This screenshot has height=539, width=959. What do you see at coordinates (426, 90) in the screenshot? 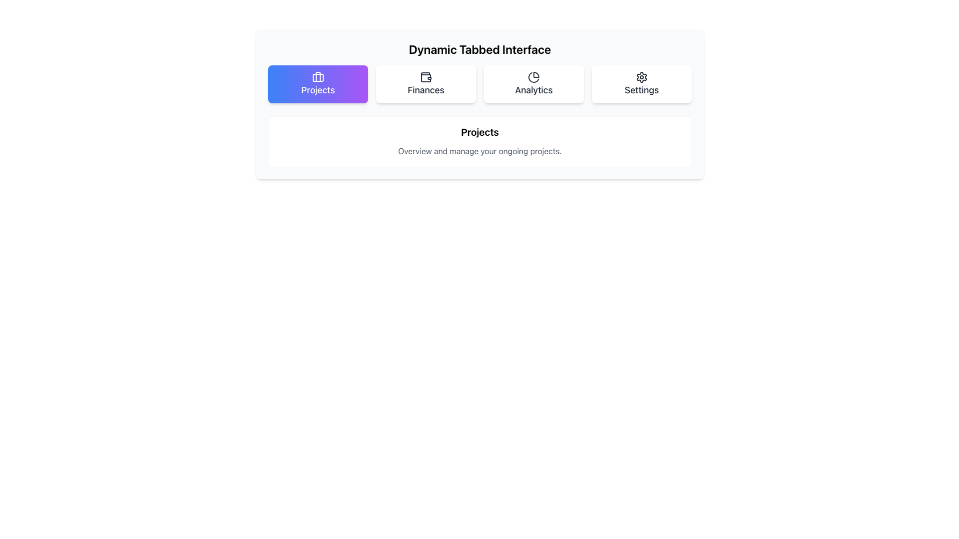
I see `the 'Finances' text label in the navigation bar` at bounding box center [426, 90].